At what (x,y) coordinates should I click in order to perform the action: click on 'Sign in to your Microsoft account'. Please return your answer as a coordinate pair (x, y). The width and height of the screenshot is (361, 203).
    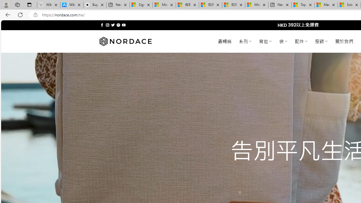
    Looking at the image, I should click on (141, 5).